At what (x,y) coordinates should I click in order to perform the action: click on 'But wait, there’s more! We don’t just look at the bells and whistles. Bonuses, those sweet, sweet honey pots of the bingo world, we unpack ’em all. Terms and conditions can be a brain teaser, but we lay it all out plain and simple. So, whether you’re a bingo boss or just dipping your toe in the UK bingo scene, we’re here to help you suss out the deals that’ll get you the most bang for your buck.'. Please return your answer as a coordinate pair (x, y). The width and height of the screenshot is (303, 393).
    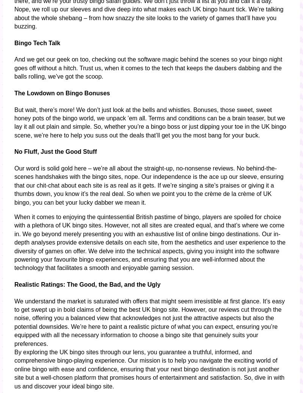
    Looking at the image, I should click on (150, 122).